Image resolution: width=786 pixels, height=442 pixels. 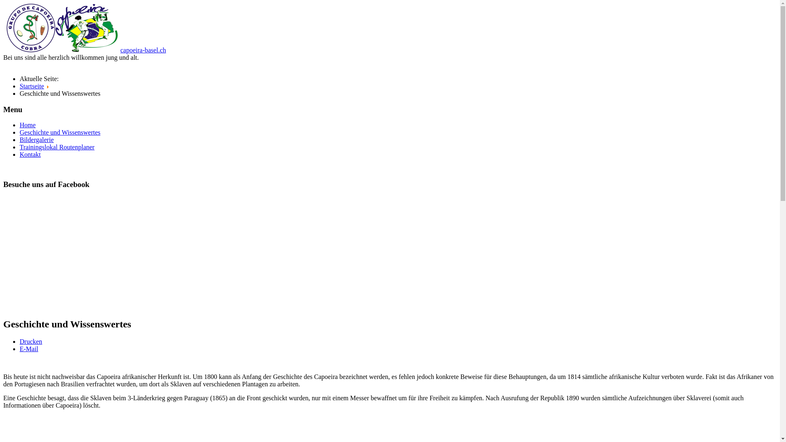 I want to click on 'E-Mail', so click(x=29, y=349).